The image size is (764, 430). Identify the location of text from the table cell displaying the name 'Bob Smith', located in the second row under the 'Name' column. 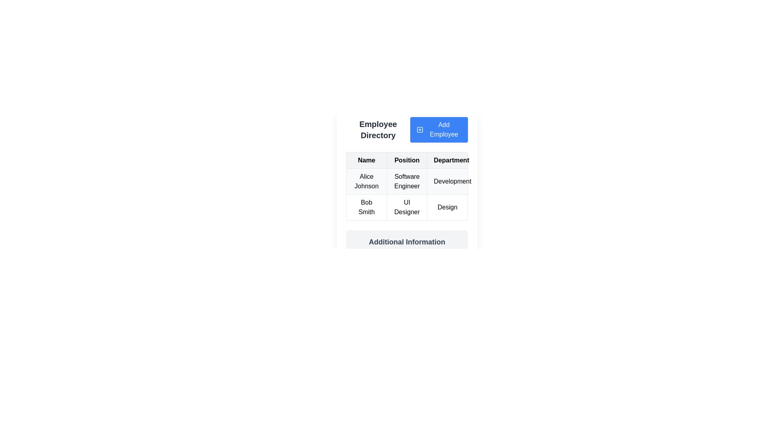
(366, 207).